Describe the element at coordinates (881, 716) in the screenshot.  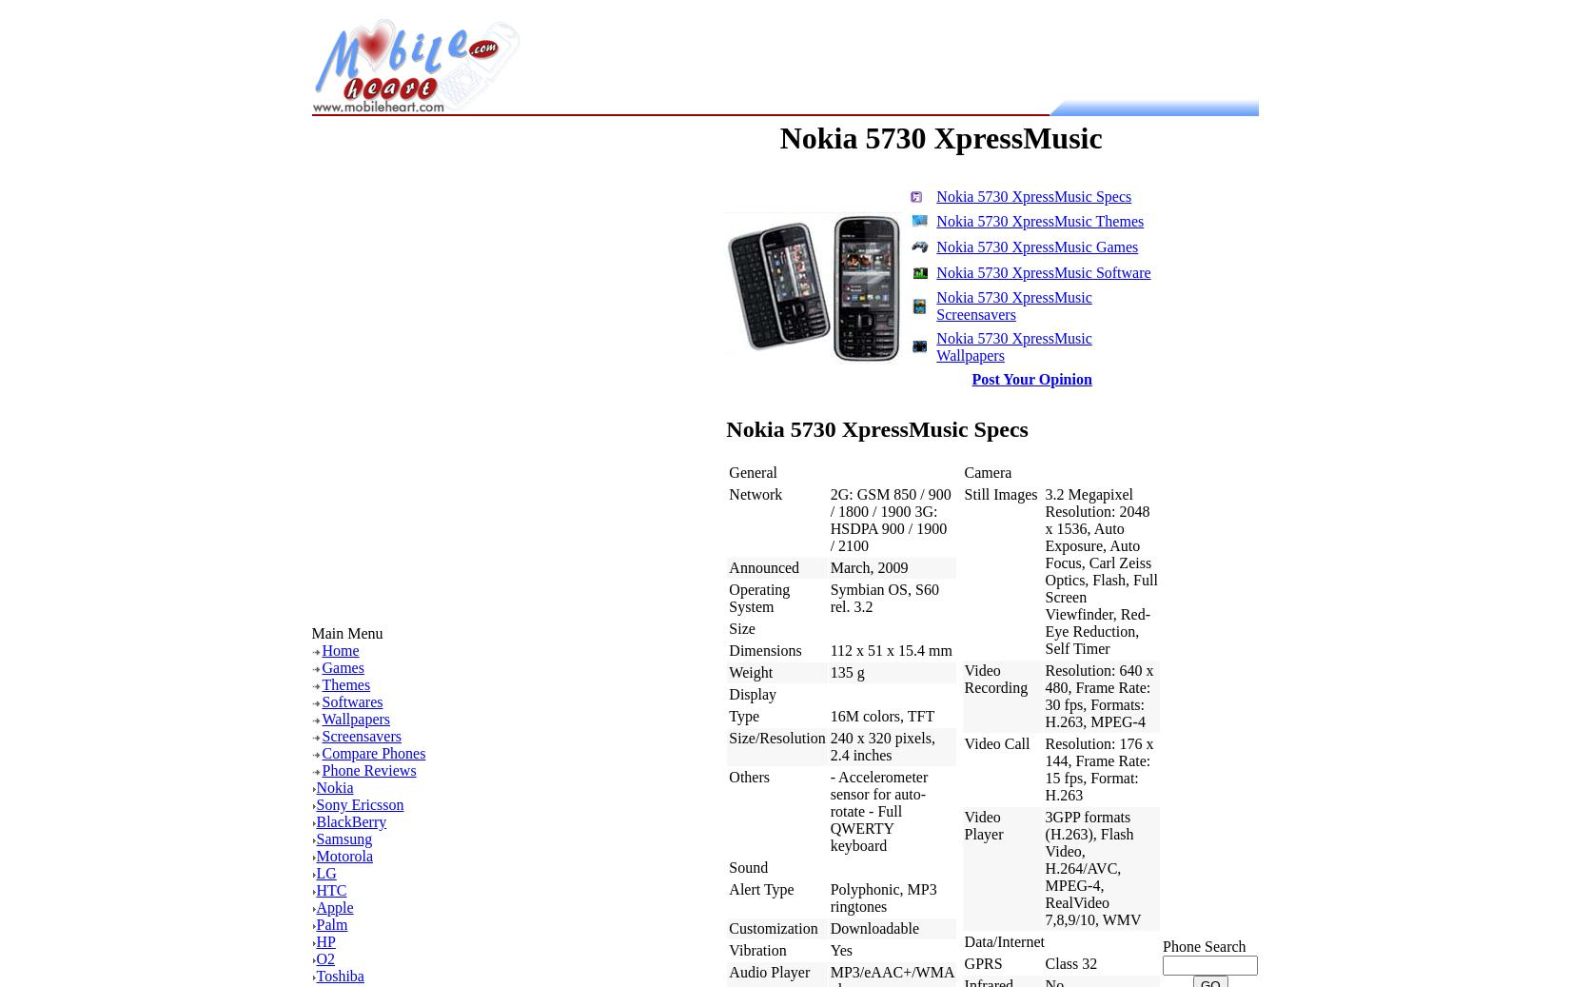
I see `'16M colors, TFT'` at that location.